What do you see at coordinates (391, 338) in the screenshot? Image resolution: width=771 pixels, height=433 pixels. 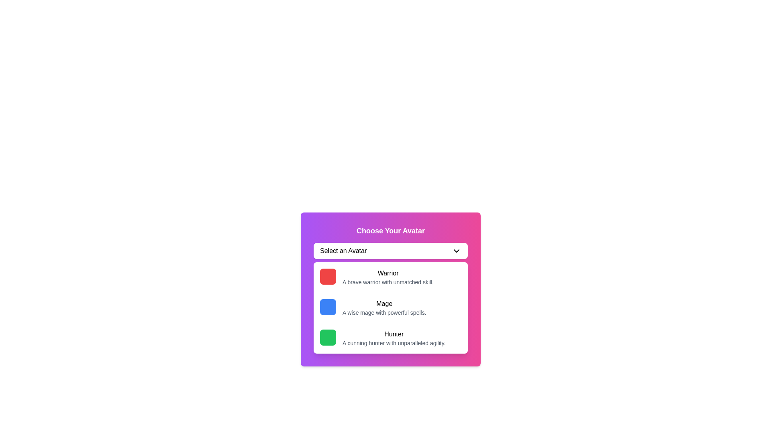 I see `the selectable list item labeled 'Hunter' which is the third item in a vertical list` at bounding box center [391, 338].